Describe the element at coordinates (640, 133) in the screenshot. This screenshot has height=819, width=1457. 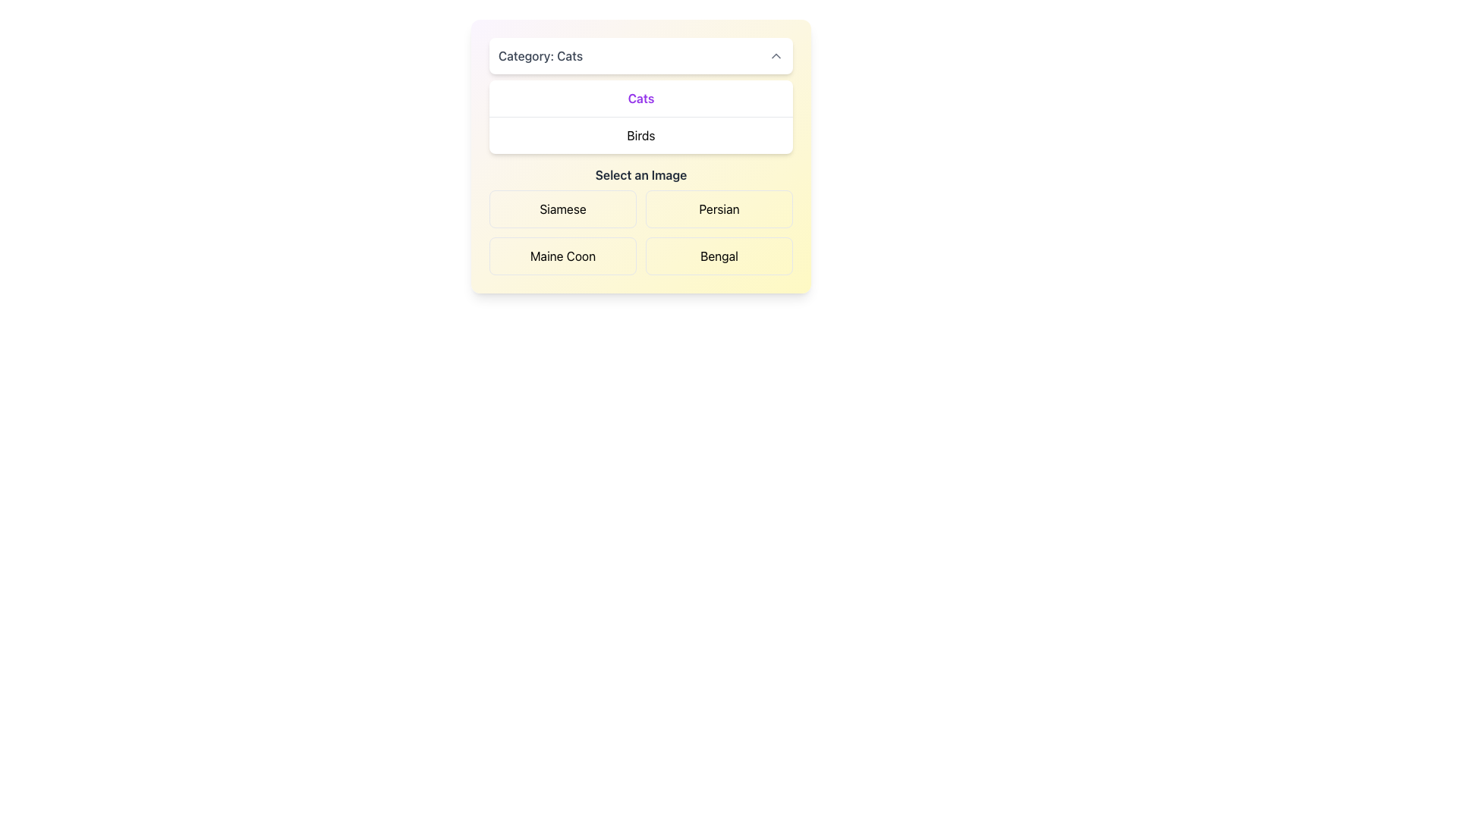
I see `the 'Birds' category option in the selectable list item located below the 'Cats' option` at that location.